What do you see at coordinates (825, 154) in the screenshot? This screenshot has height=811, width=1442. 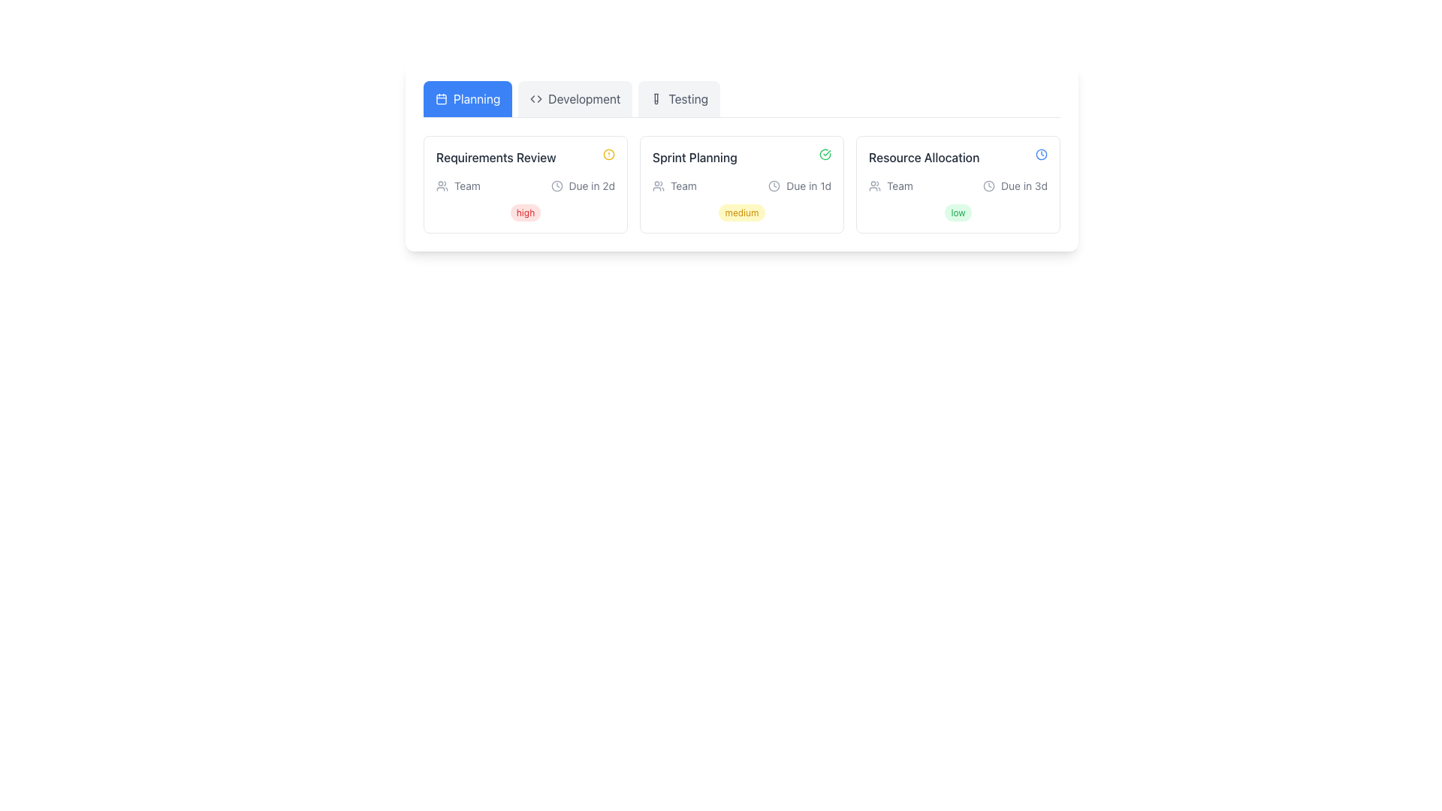 I see `the completion icon associated with the 'Sprint Planning' section to visually indicate its status as completed or confirmed` at bounding box center [825, 154].